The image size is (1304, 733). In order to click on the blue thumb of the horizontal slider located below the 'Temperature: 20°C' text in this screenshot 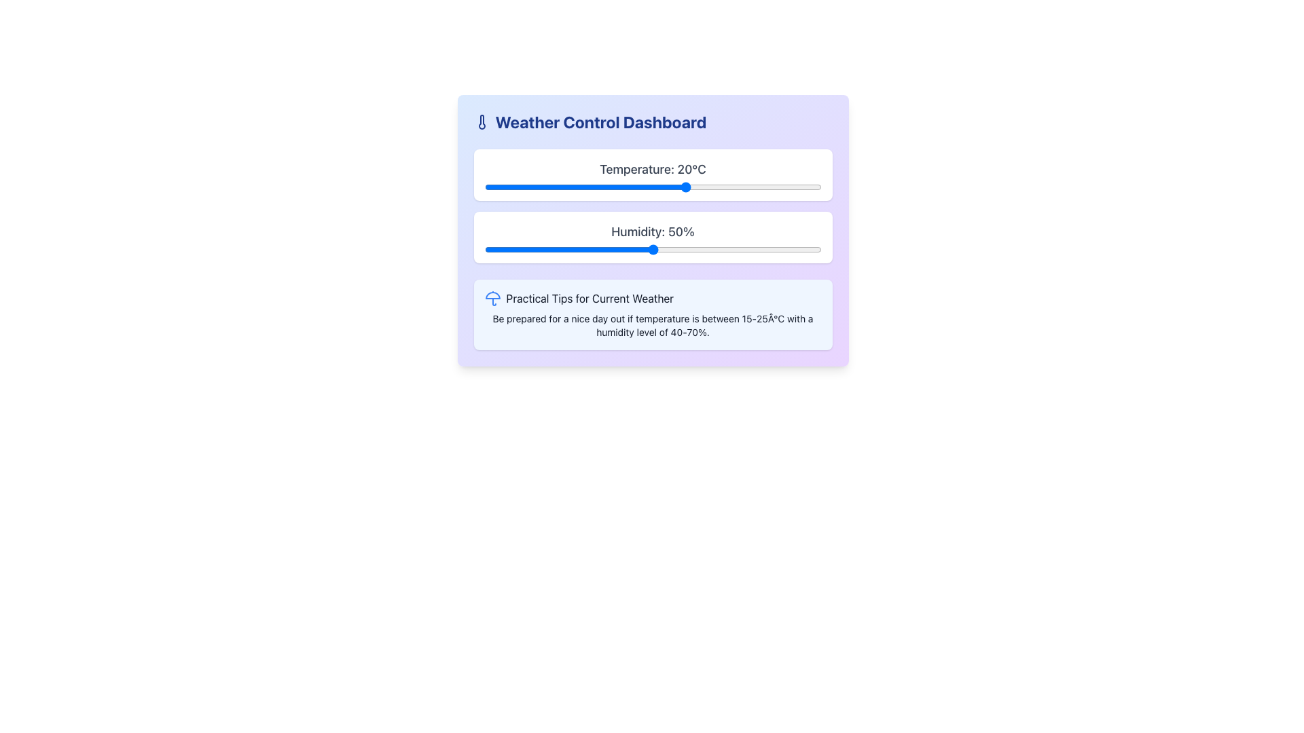, I will do `click(653, 187)`.